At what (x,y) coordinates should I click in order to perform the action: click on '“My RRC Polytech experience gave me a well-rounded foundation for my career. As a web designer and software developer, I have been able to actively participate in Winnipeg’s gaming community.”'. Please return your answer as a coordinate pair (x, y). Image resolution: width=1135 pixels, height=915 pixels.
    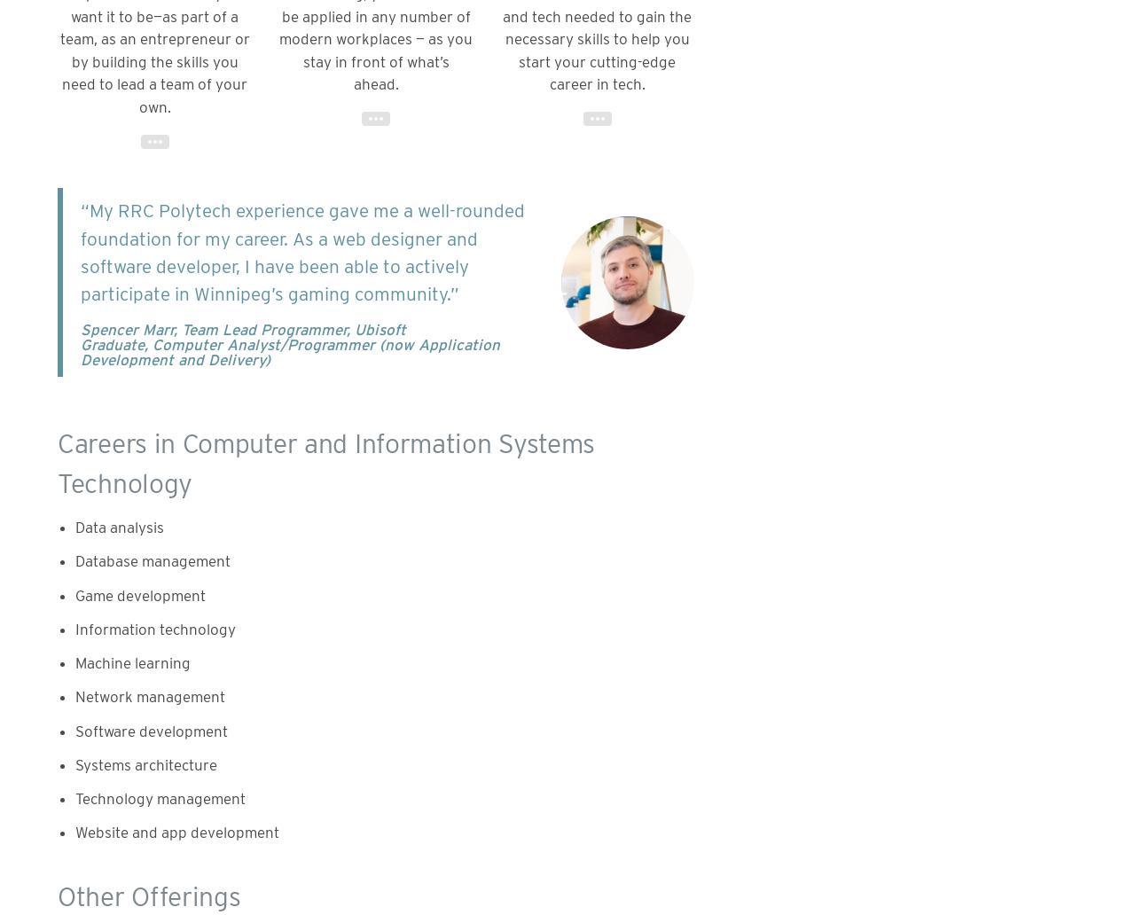
    Looking at the image, I should click on (302, 252).